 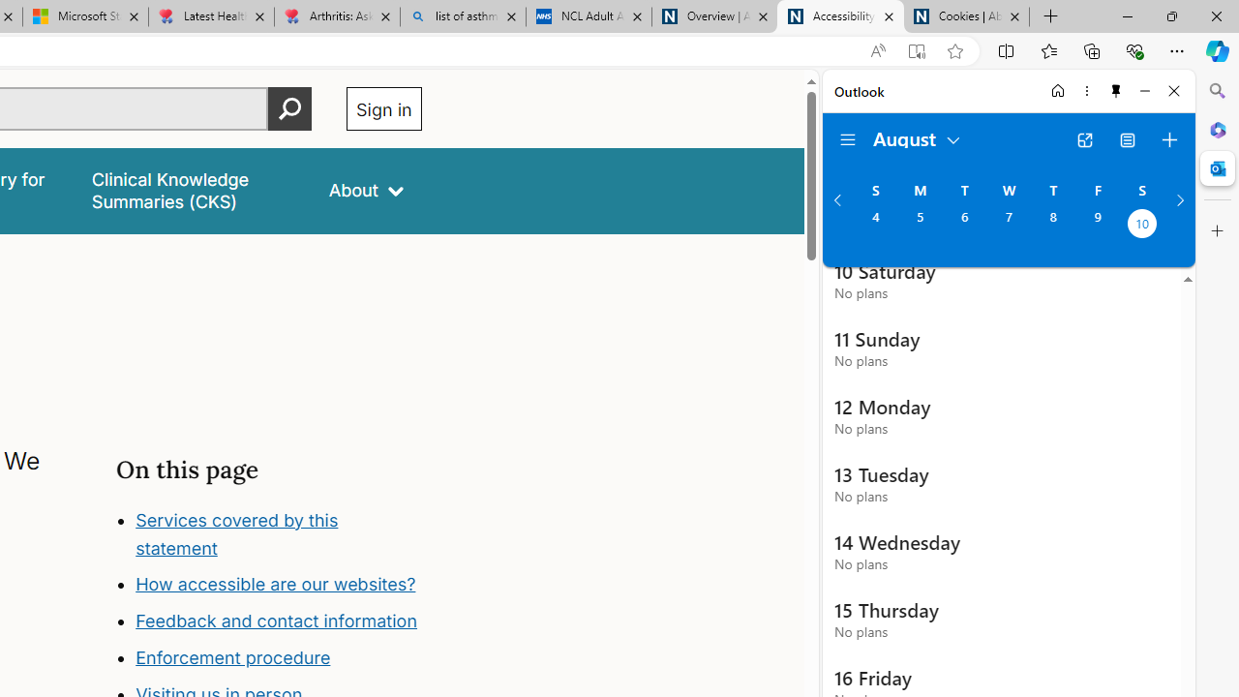 What do you see at coordinates (462, 16) in the screenshot?
I see `'list of asthma inhalers uk - Search'` at bounding box center [462, 16].